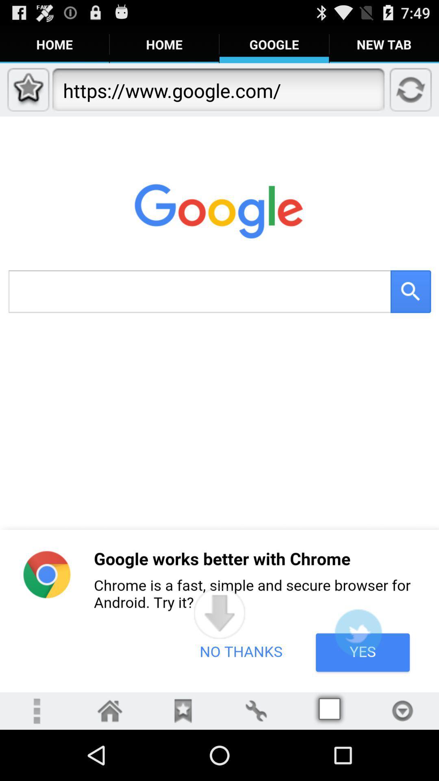  Describe the element at coordinates (358, 632) in the screenshot. I see `install plugin` at that location.